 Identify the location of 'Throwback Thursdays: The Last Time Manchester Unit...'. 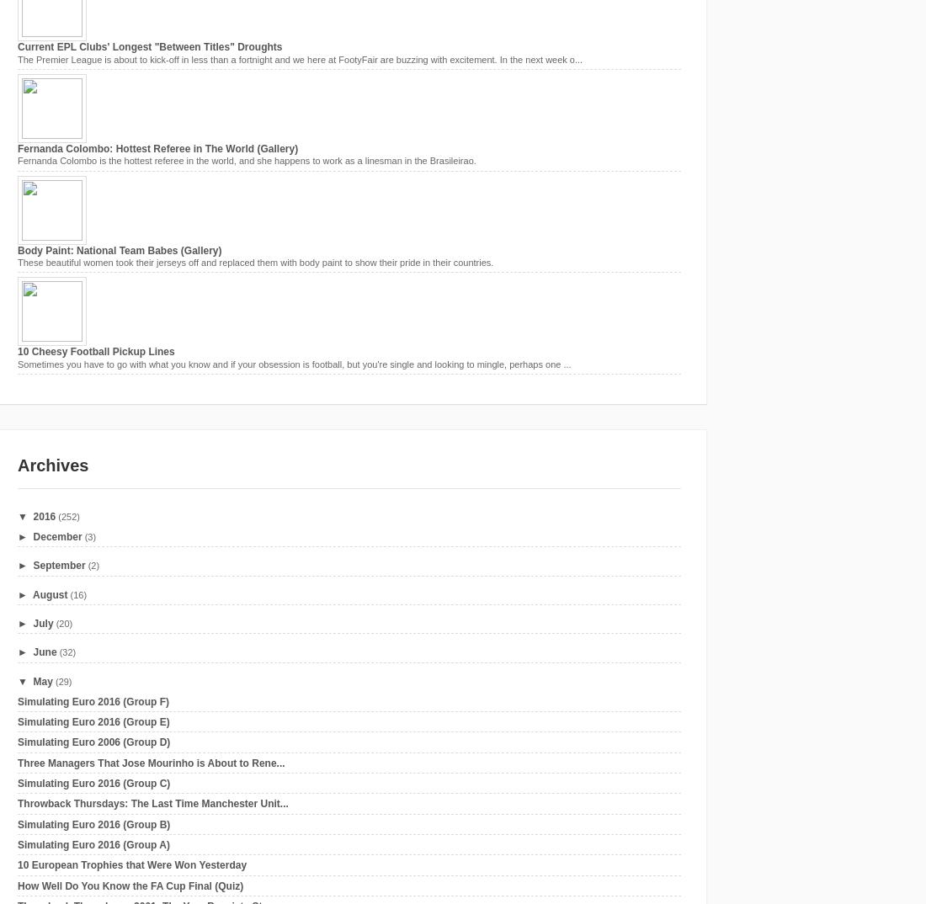
(152, 804).